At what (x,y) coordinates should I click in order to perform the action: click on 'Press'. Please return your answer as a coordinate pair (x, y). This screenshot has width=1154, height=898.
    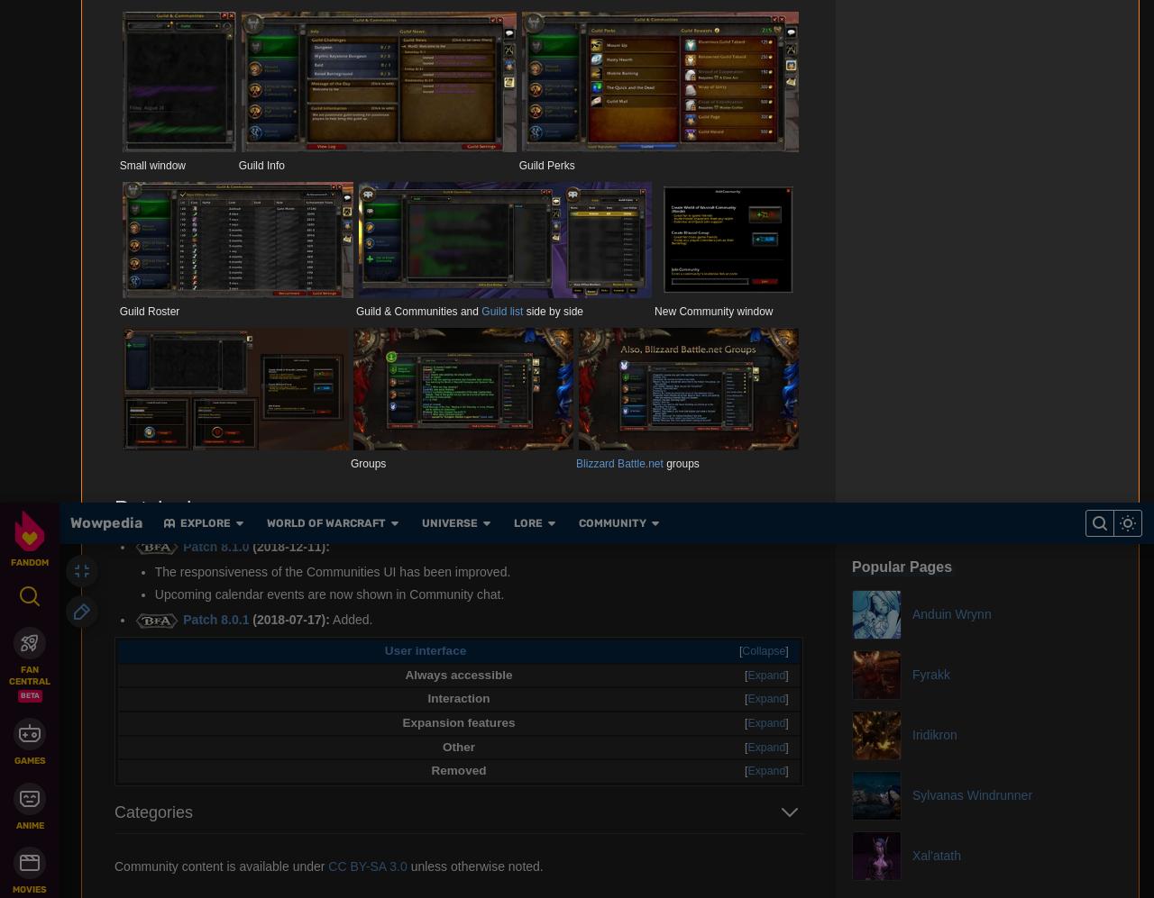
    Looking at the image, I should click on (405, 123).